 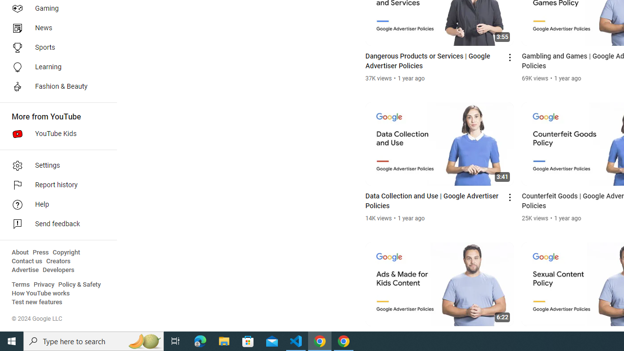 What do you see at coordinates (20, 285) in the screenshot?
I see `'Terms'` at bounding box center [20, 285].